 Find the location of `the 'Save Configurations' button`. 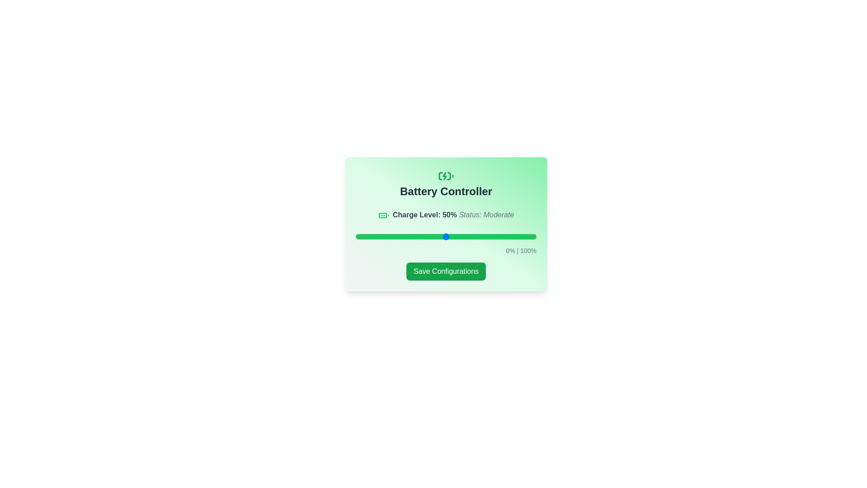

the 'Save Configurations' button is located at coordinates (446, 271).